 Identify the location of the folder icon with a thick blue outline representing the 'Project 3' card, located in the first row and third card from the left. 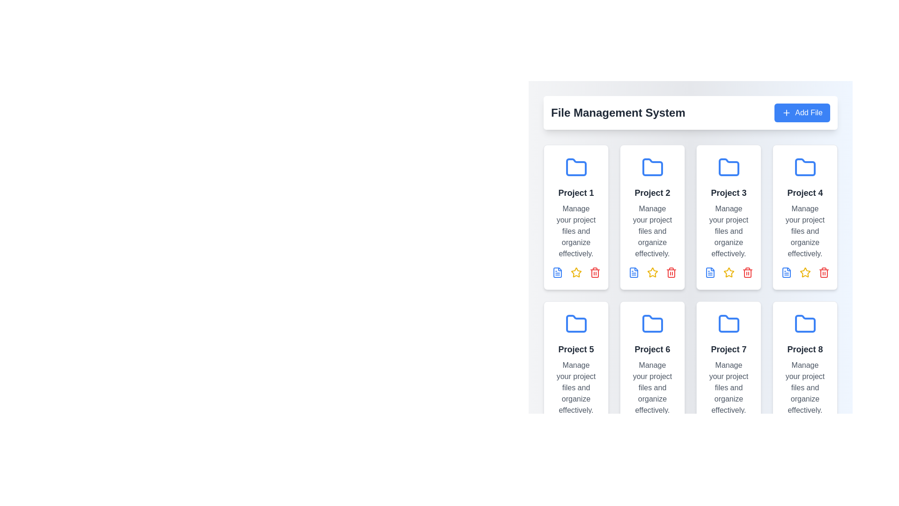
(728, 167).